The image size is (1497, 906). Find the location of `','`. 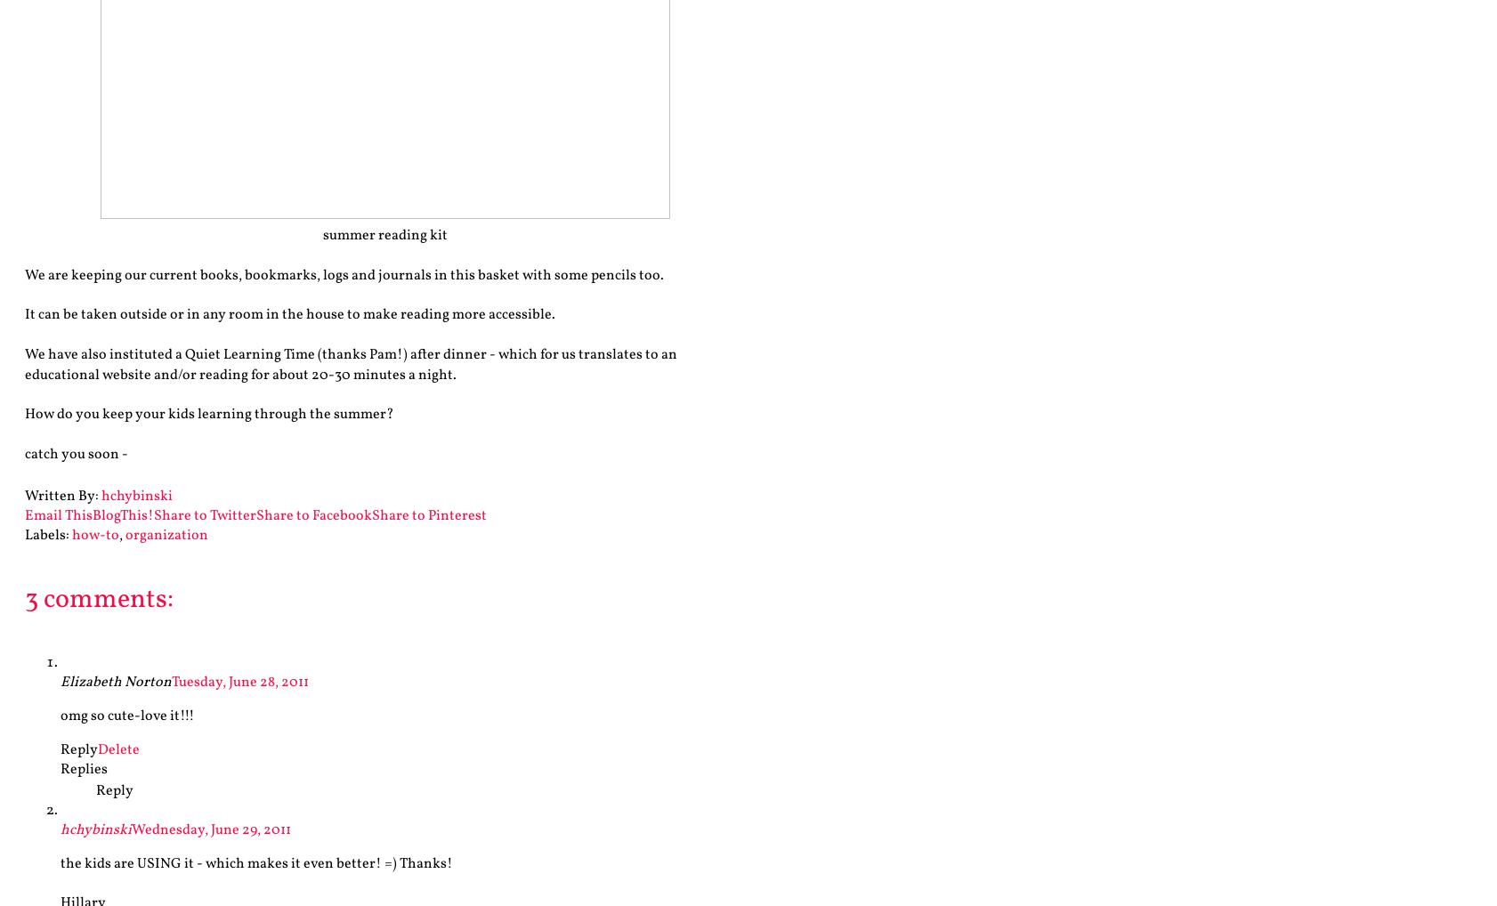

',' is located at coordinates (118, 535).